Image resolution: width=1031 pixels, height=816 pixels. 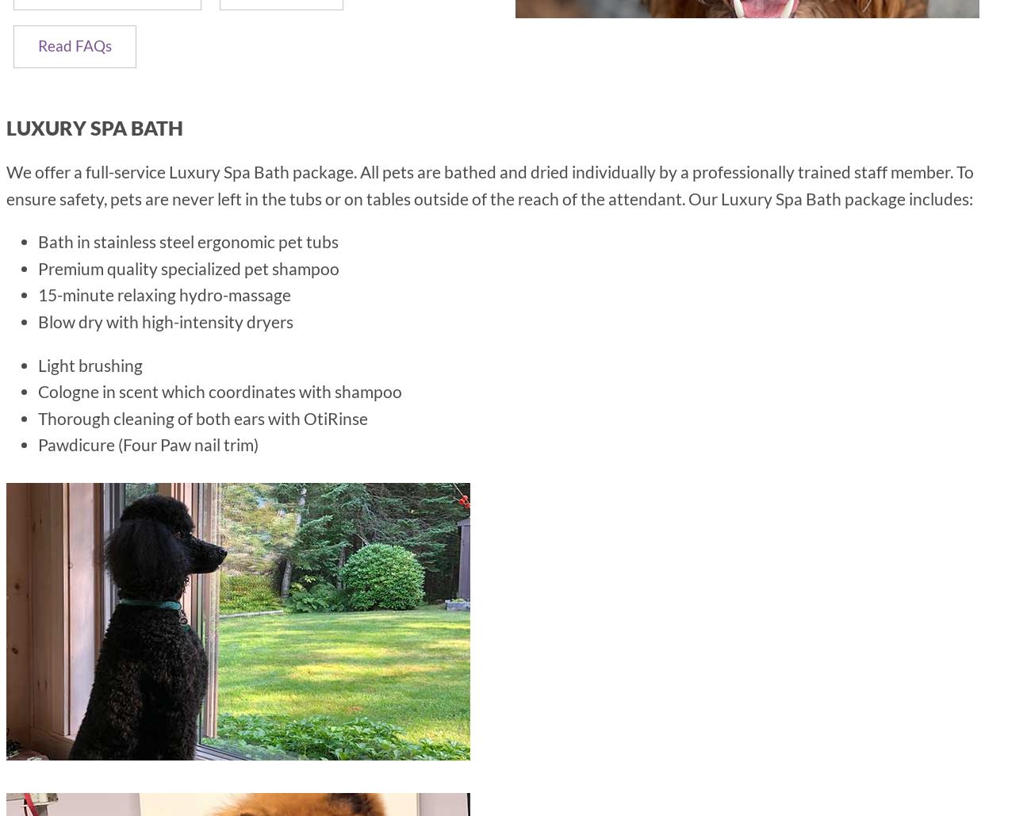 I want to click on 'Bath in stainless steel ergonomic pet tubs', so click(x=187, y=241).